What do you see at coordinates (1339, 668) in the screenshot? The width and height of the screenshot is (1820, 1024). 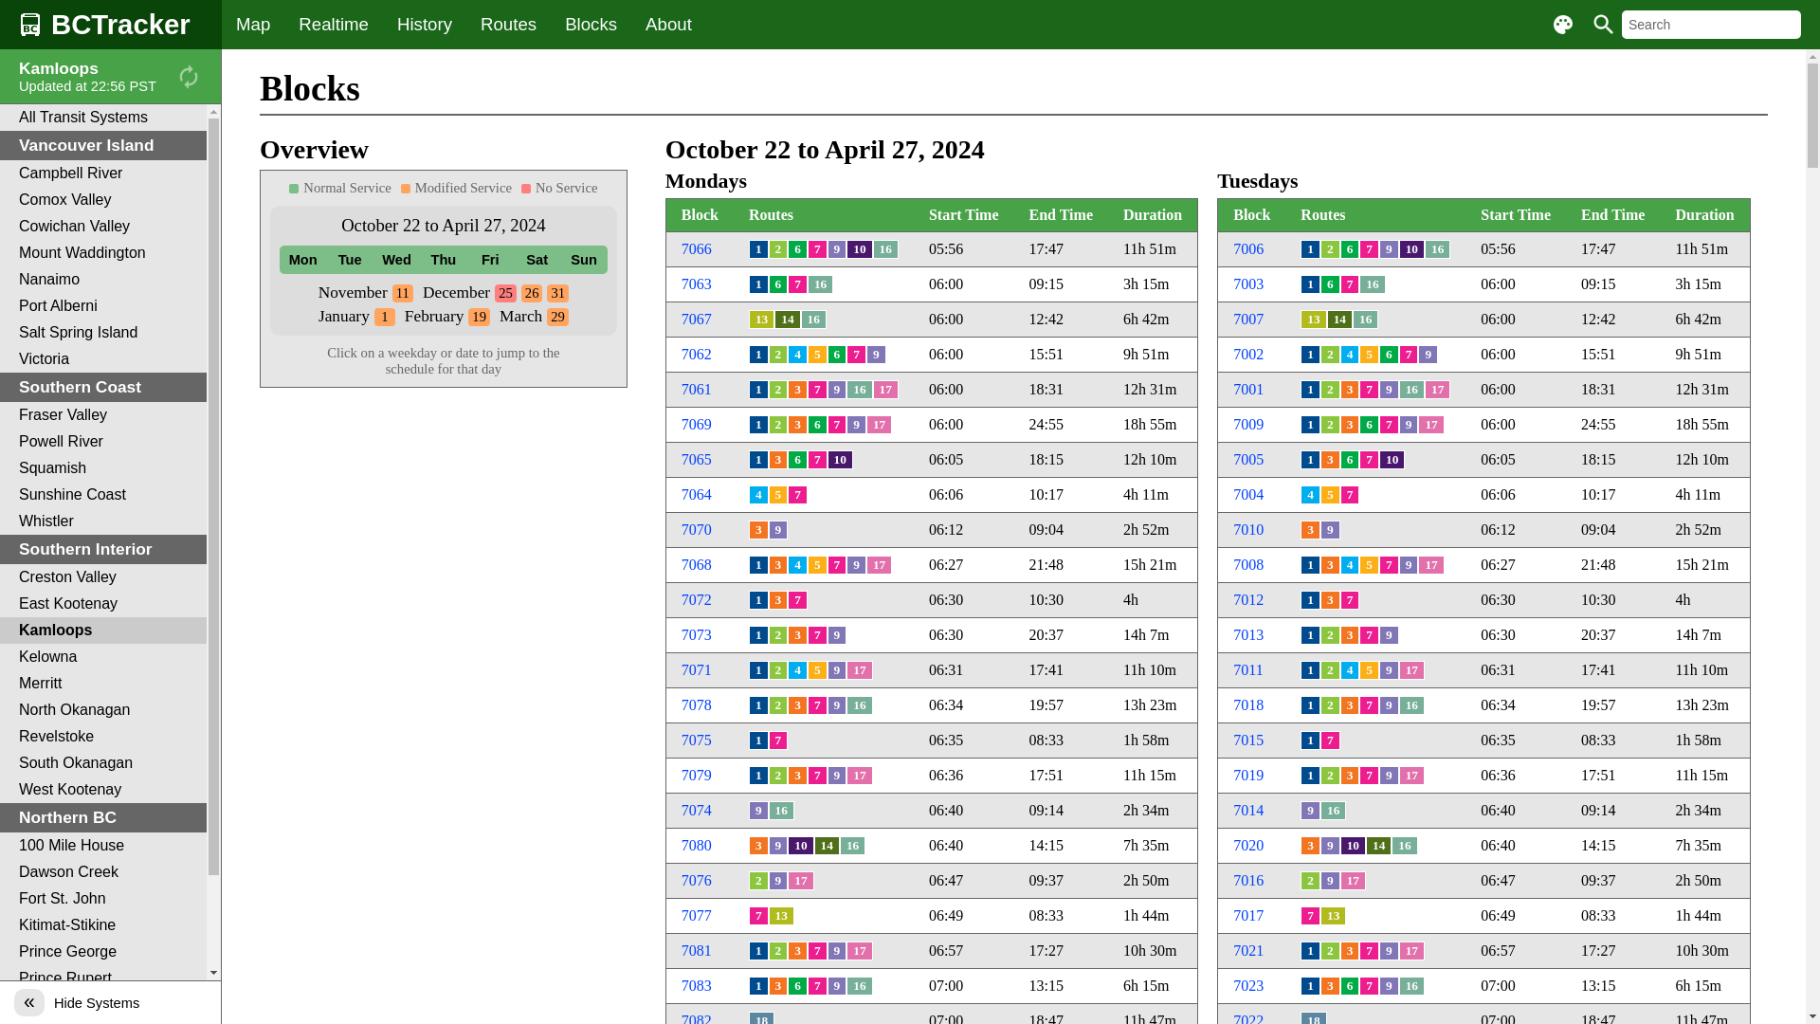 I see `'4'` at bounding box center [1339, 668].